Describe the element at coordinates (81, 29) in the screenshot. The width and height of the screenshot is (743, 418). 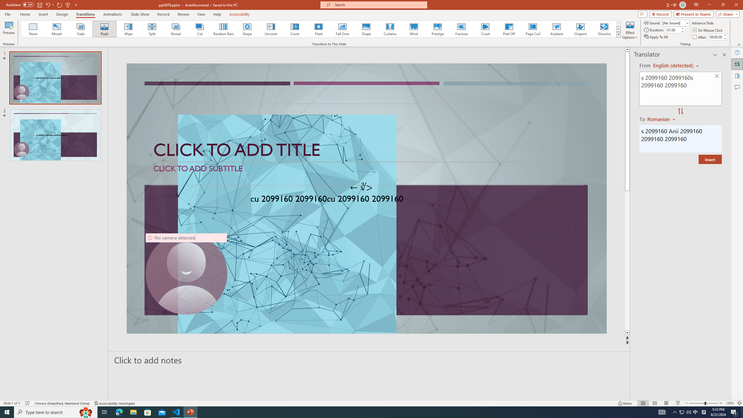
I see `'Fade'` at that location.